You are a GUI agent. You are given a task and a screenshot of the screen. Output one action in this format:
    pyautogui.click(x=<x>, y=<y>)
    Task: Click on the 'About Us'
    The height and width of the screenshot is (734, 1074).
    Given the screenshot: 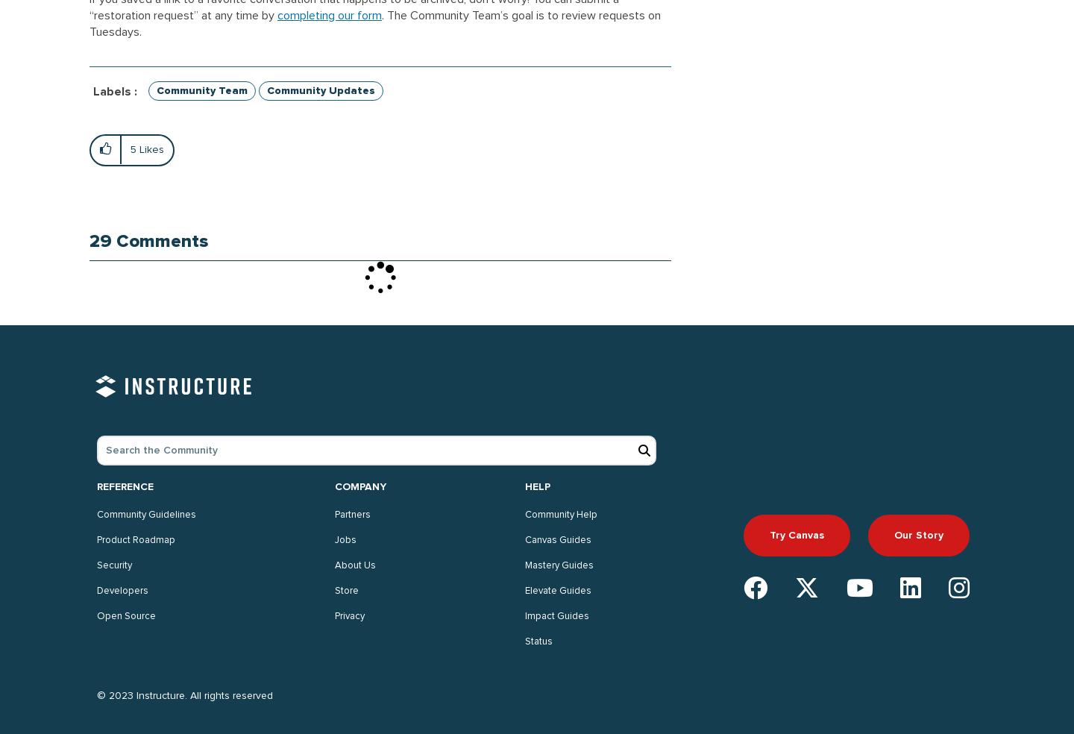 What is the action you would take?
    pyautogui.click(x=355, y=565)
    